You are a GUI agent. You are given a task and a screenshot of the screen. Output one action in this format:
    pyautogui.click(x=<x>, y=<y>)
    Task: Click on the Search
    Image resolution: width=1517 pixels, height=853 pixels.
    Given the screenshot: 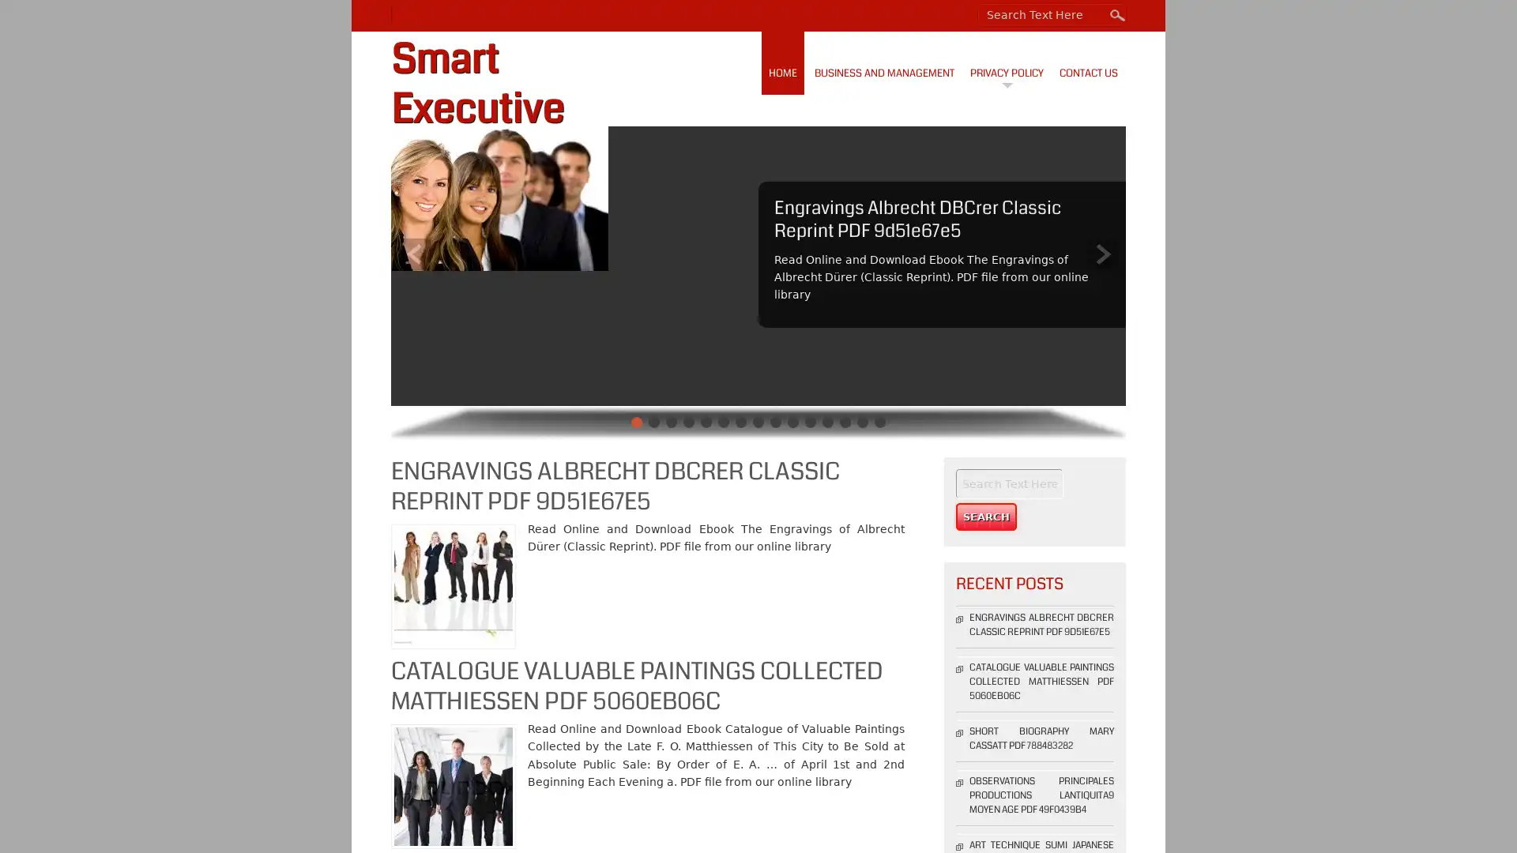 What is the action you would take?
    pyautogui.click(x=985, y=517)
    